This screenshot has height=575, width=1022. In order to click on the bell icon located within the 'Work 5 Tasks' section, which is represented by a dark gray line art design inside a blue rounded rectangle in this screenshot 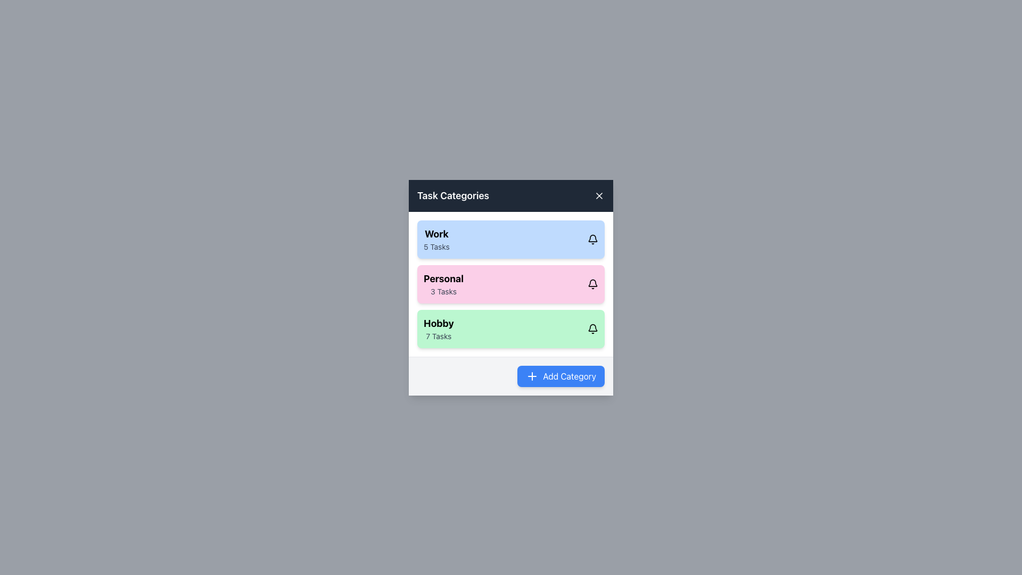, I will do `click(592, 238)`.